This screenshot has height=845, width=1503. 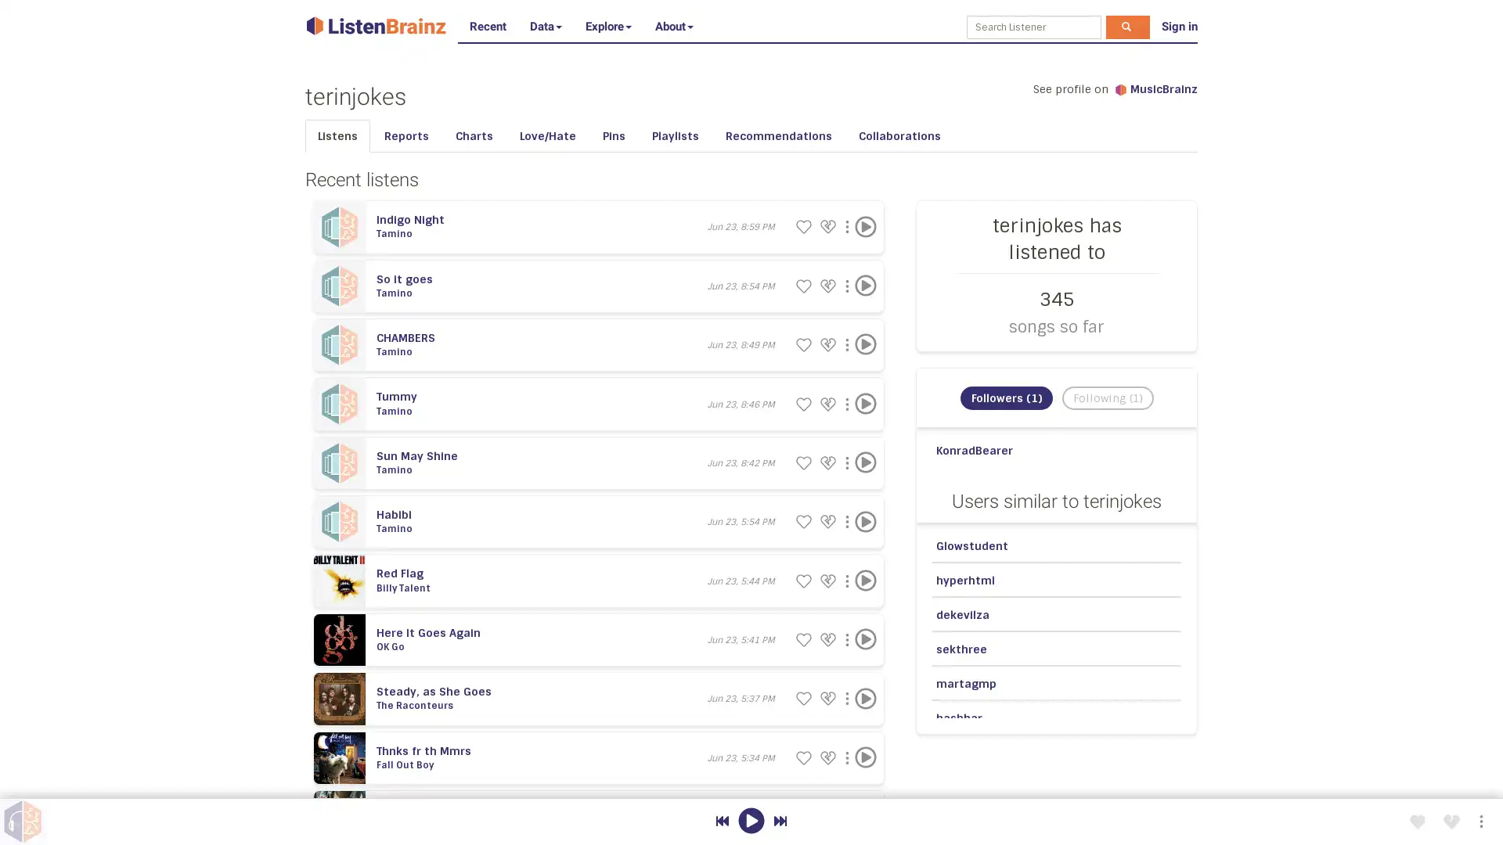 I want to click on Play, so click(x=864, y=757).